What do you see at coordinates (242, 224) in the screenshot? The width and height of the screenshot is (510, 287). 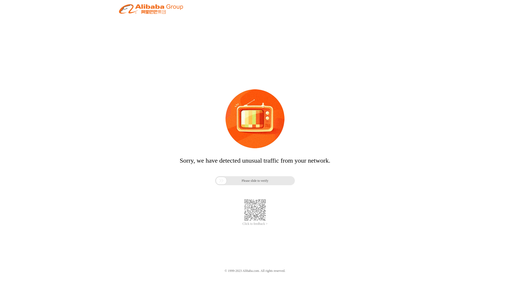 I see `'Click to feedback >'` at bounding box center [242, 224].